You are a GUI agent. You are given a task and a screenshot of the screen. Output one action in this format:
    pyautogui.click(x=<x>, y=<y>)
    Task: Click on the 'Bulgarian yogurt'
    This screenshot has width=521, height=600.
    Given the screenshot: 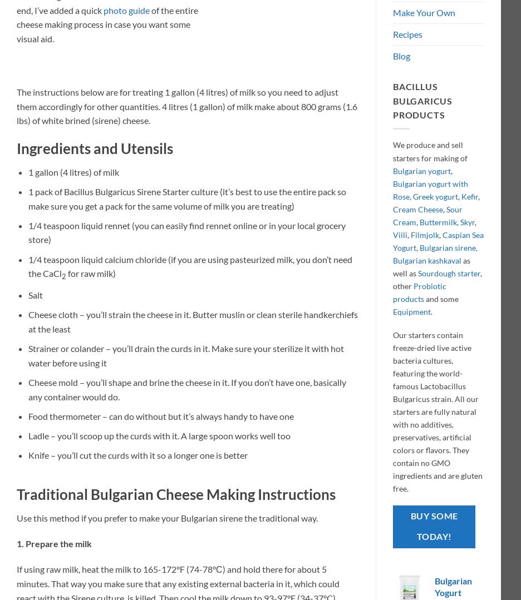 What is the action you would take?
    pyautogui.click(x=421, y=170)
    